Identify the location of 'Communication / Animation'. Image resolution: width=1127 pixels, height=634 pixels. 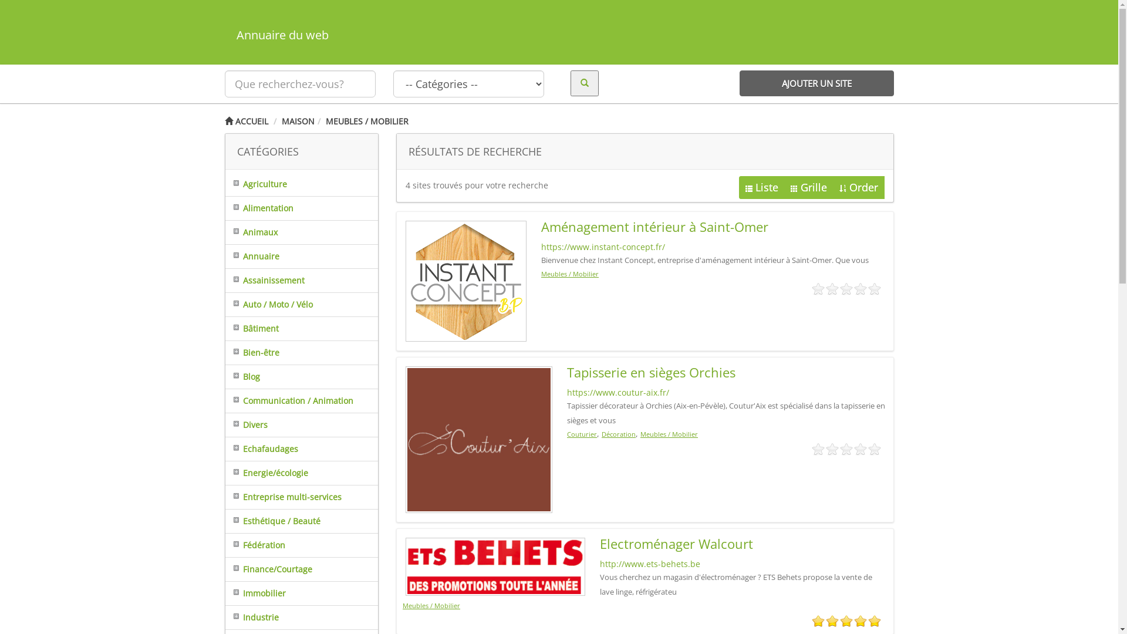
(289, 400).